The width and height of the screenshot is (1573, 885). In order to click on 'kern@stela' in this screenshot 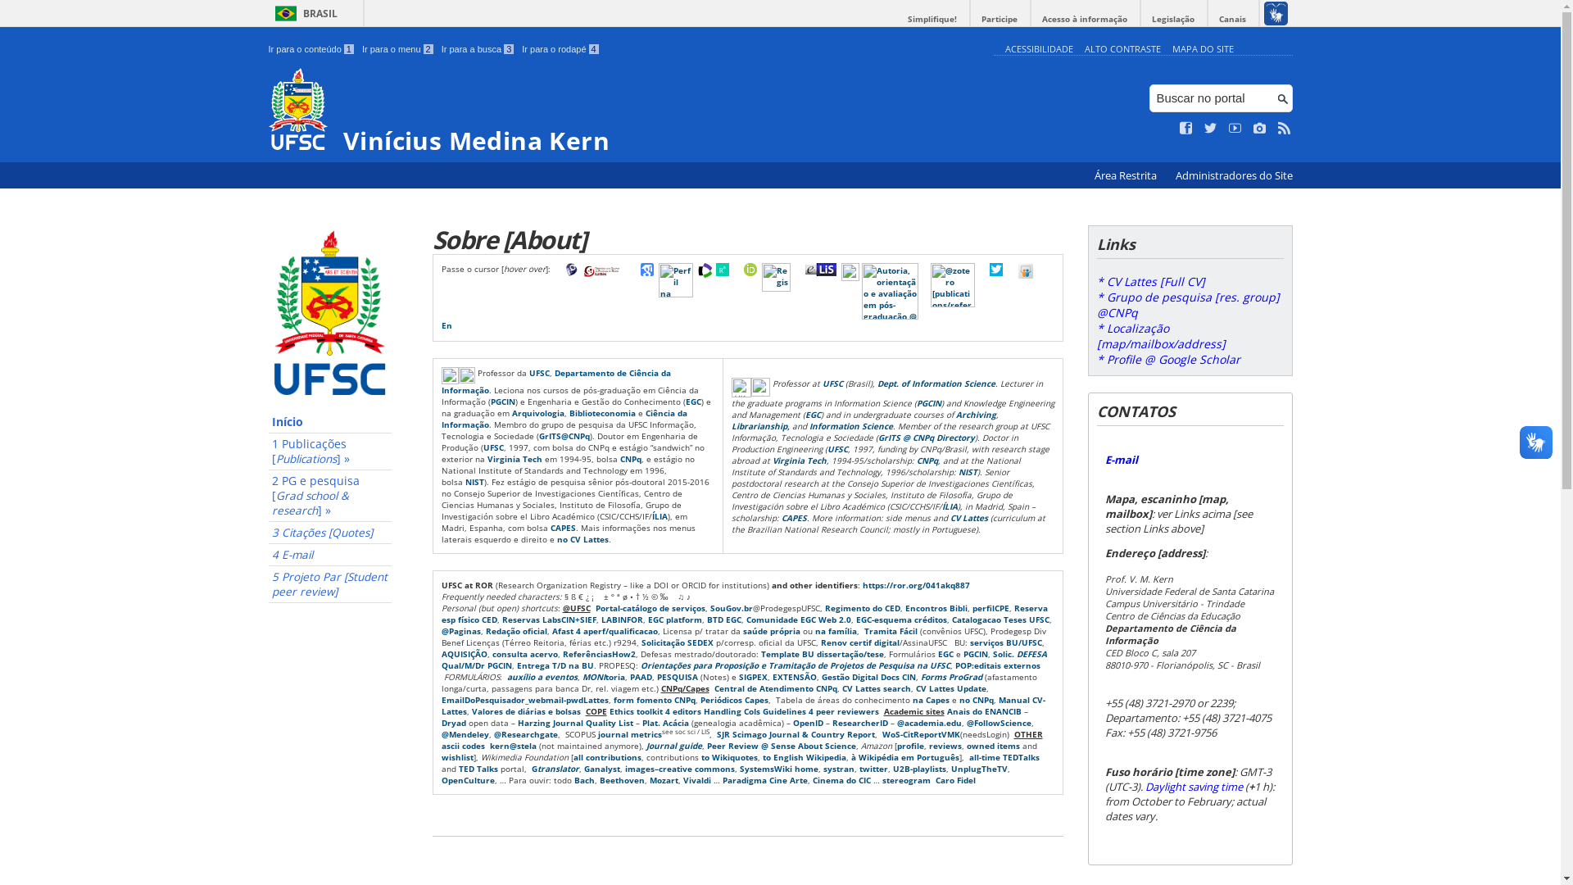, I will do `click(512, 746)`.